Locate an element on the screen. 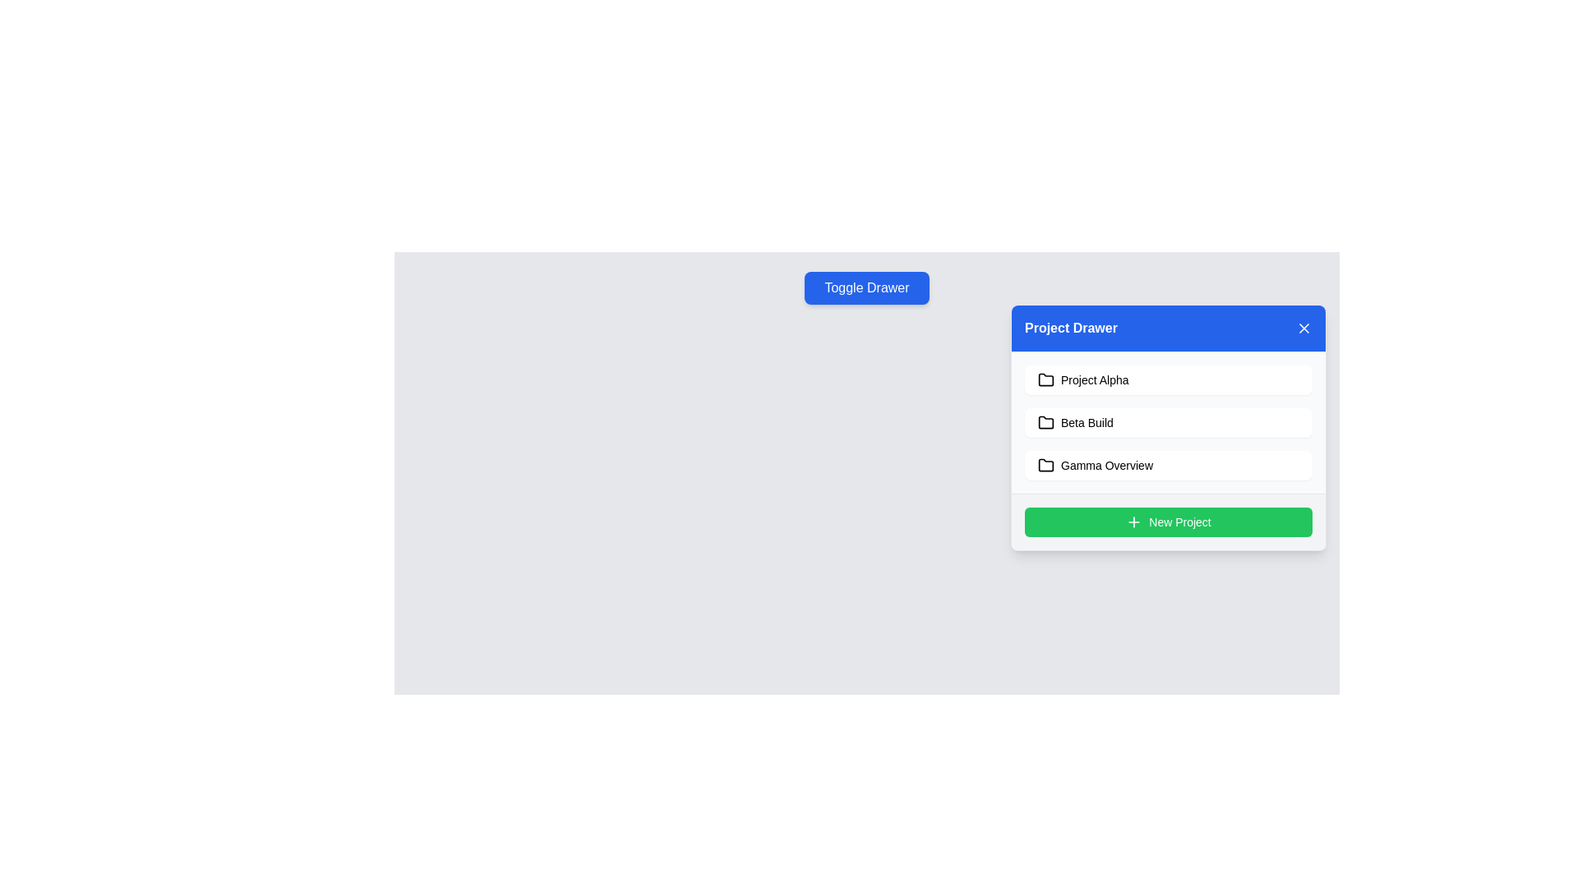 This screenshot has width=1578, height=887. the folder icon associated with 'Project Alpha' is located at coordinates (1045, 379).